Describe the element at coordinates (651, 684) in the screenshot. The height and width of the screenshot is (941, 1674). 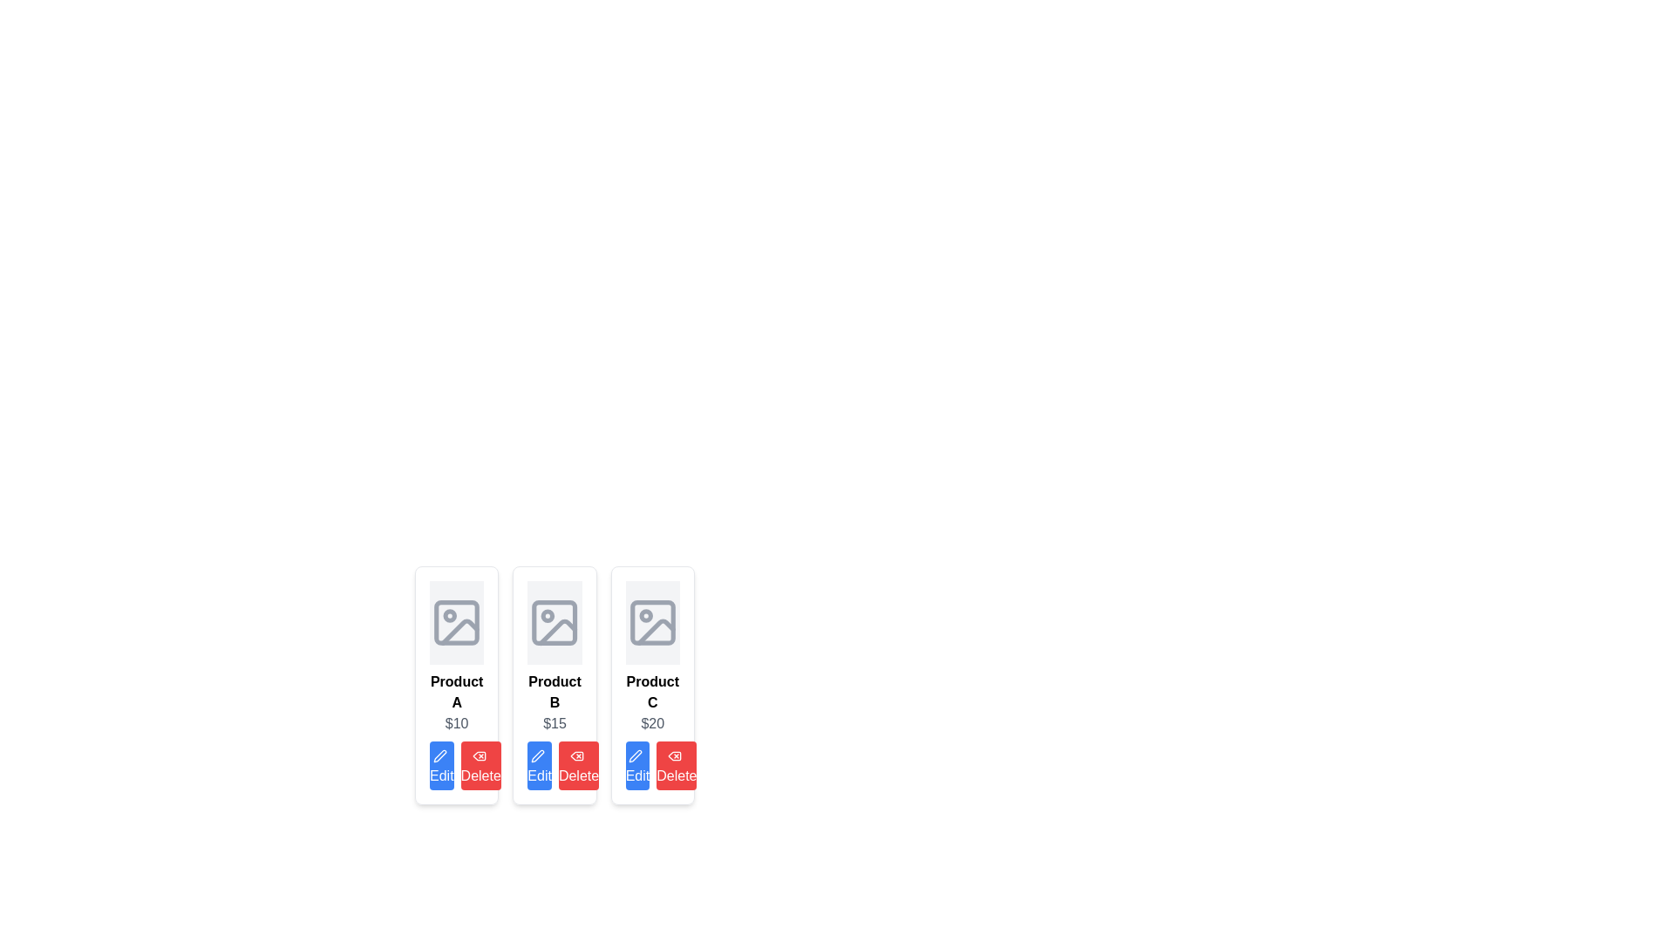
I see `the product image or price information of the Card component for Product C, located in the third column of the grid layout` at that location.